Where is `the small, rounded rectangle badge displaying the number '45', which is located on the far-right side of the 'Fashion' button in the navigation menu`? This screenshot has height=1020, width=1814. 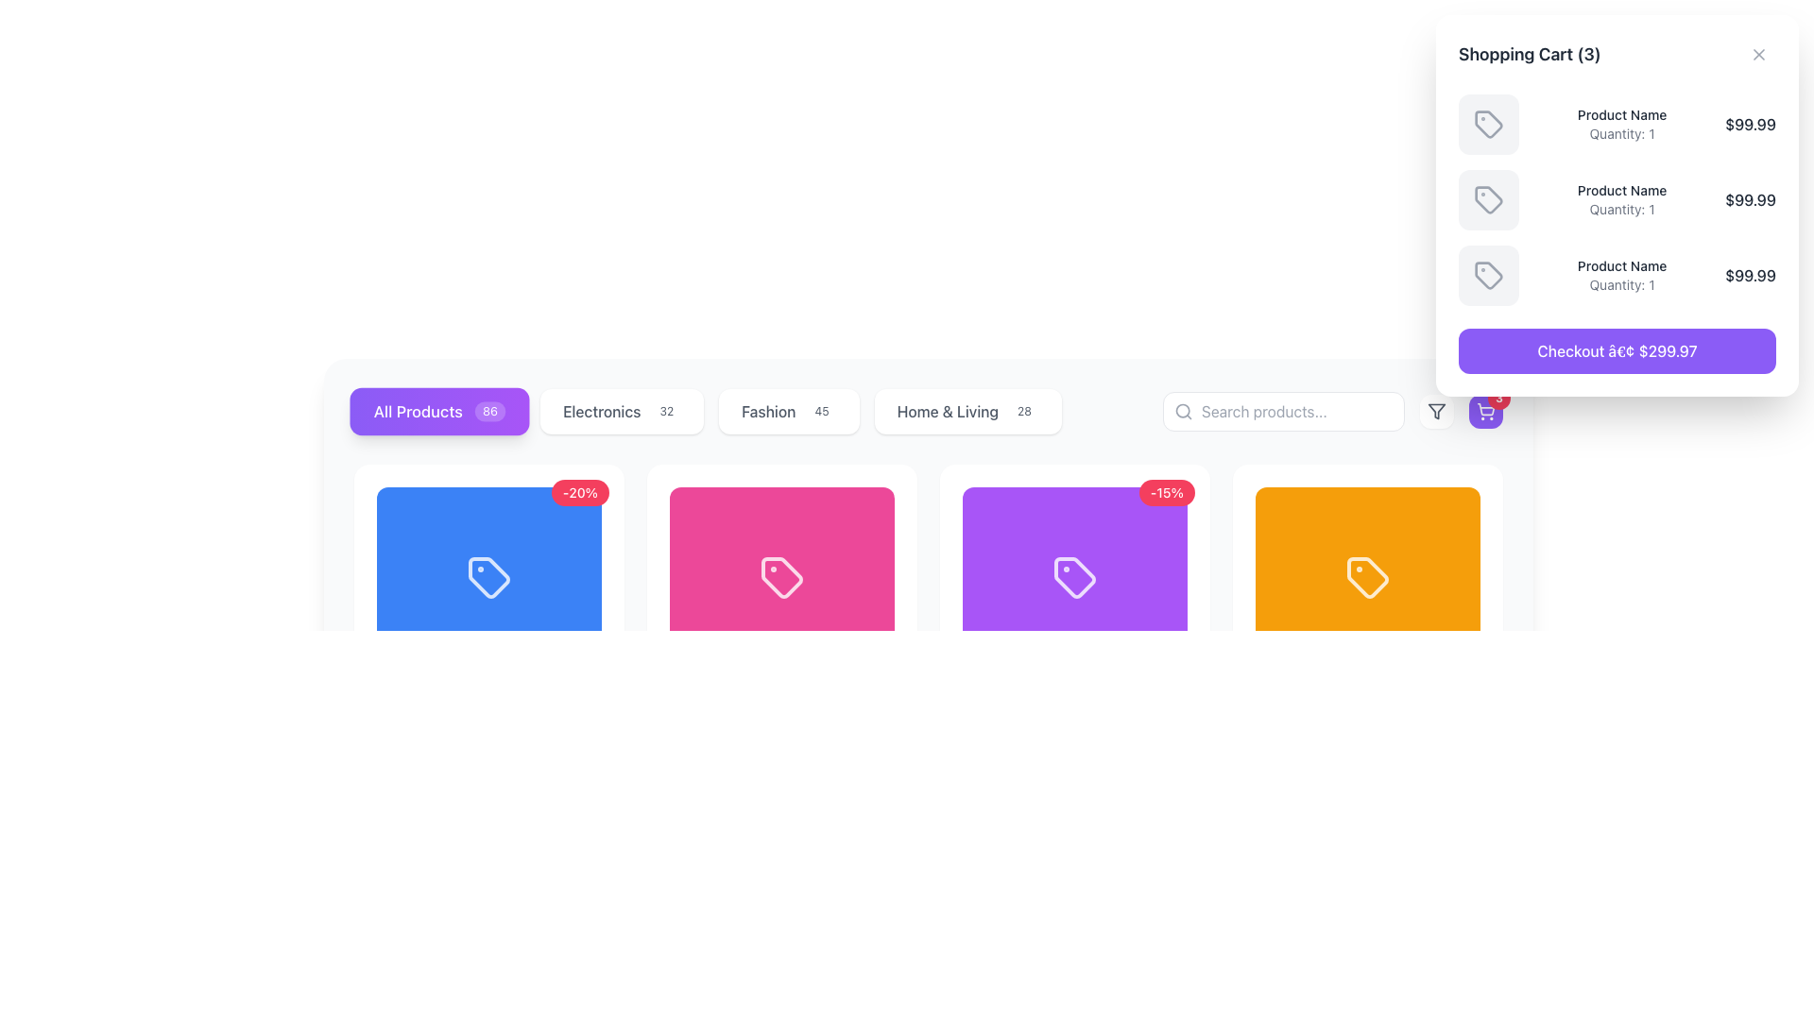
the small, rounded rectangle badge displaying the number '45', which is located on the far-right side of the 'Fashion' button in the navigation menu is located at coordinates (821, 410).